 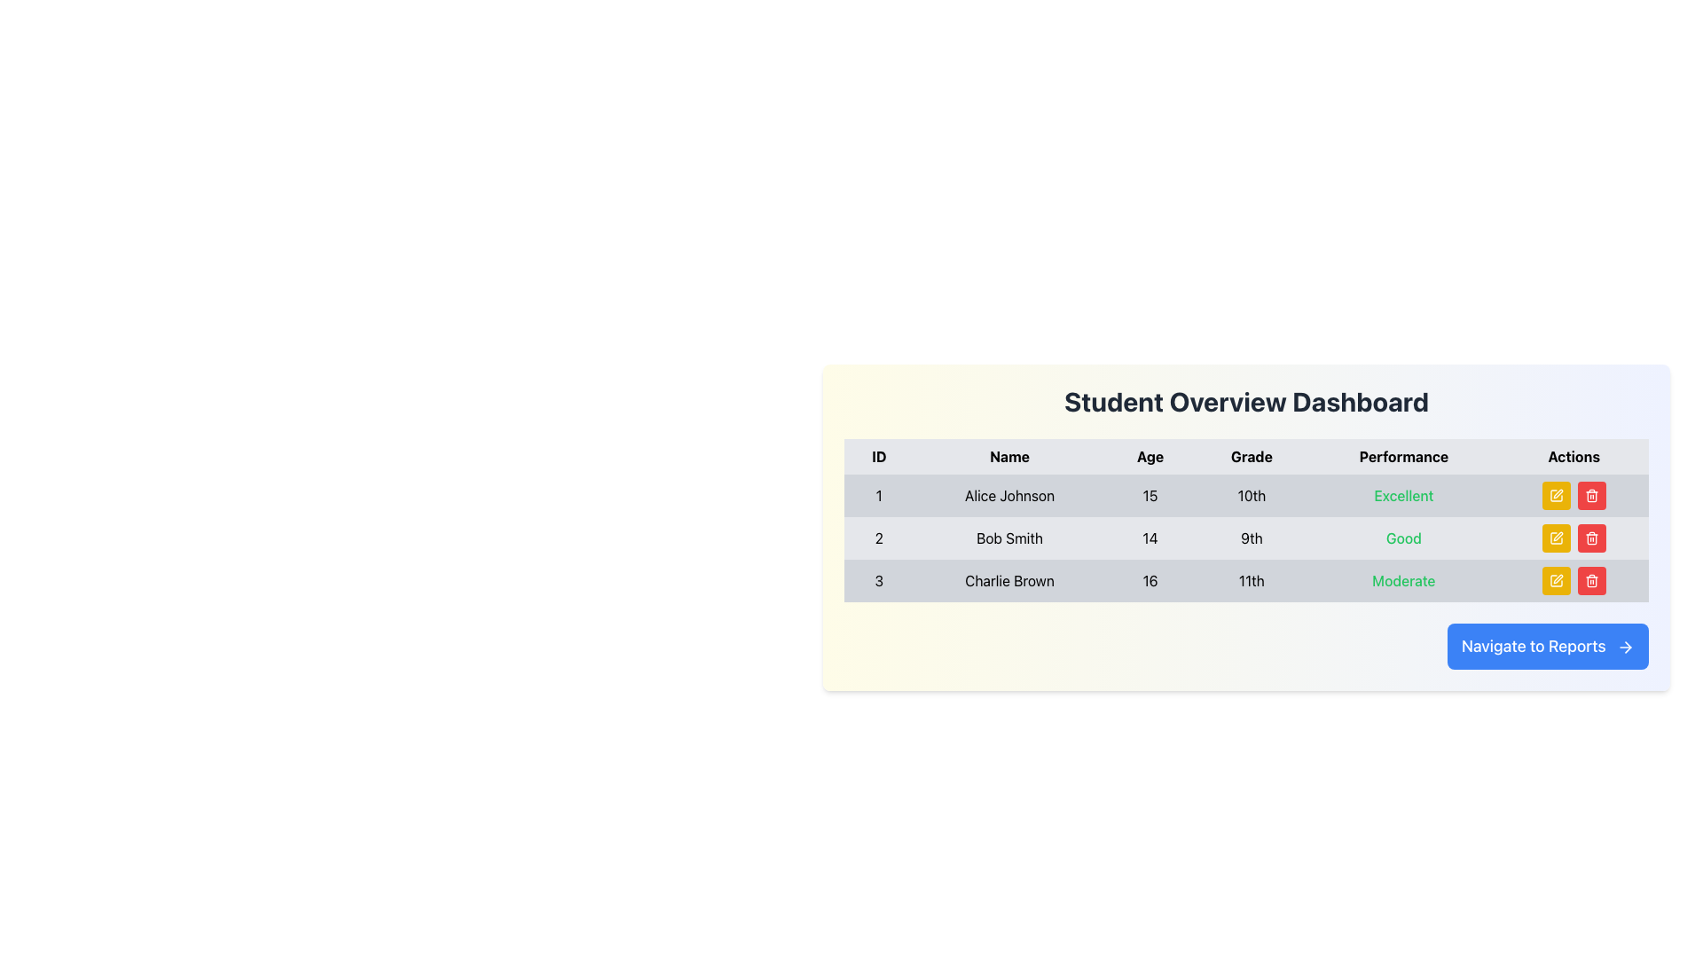 I want to click on the grade information text for the third student, 'Charlie Brown', located between the age '16' and performance 'Moderate' in the table, so click(x=1251, y=581).